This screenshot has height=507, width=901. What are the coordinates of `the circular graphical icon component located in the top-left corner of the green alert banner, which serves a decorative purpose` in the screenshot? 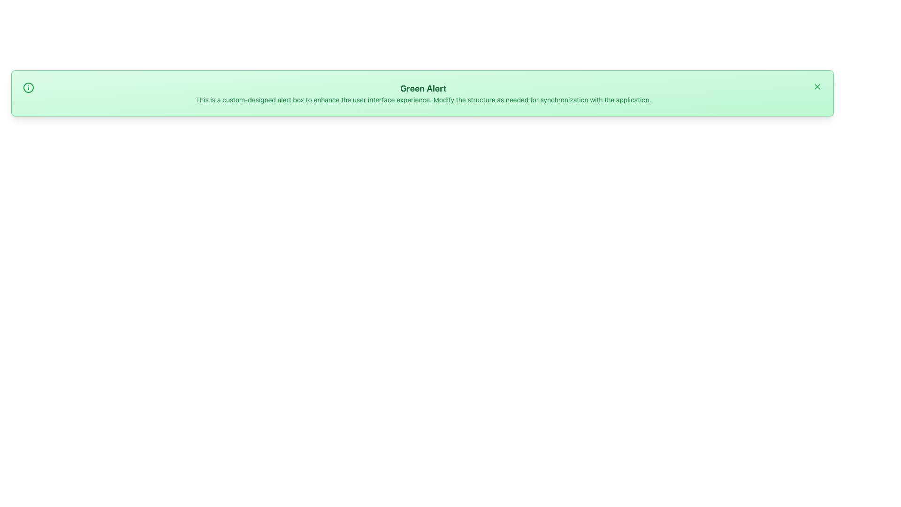 It's located at (29, 87).